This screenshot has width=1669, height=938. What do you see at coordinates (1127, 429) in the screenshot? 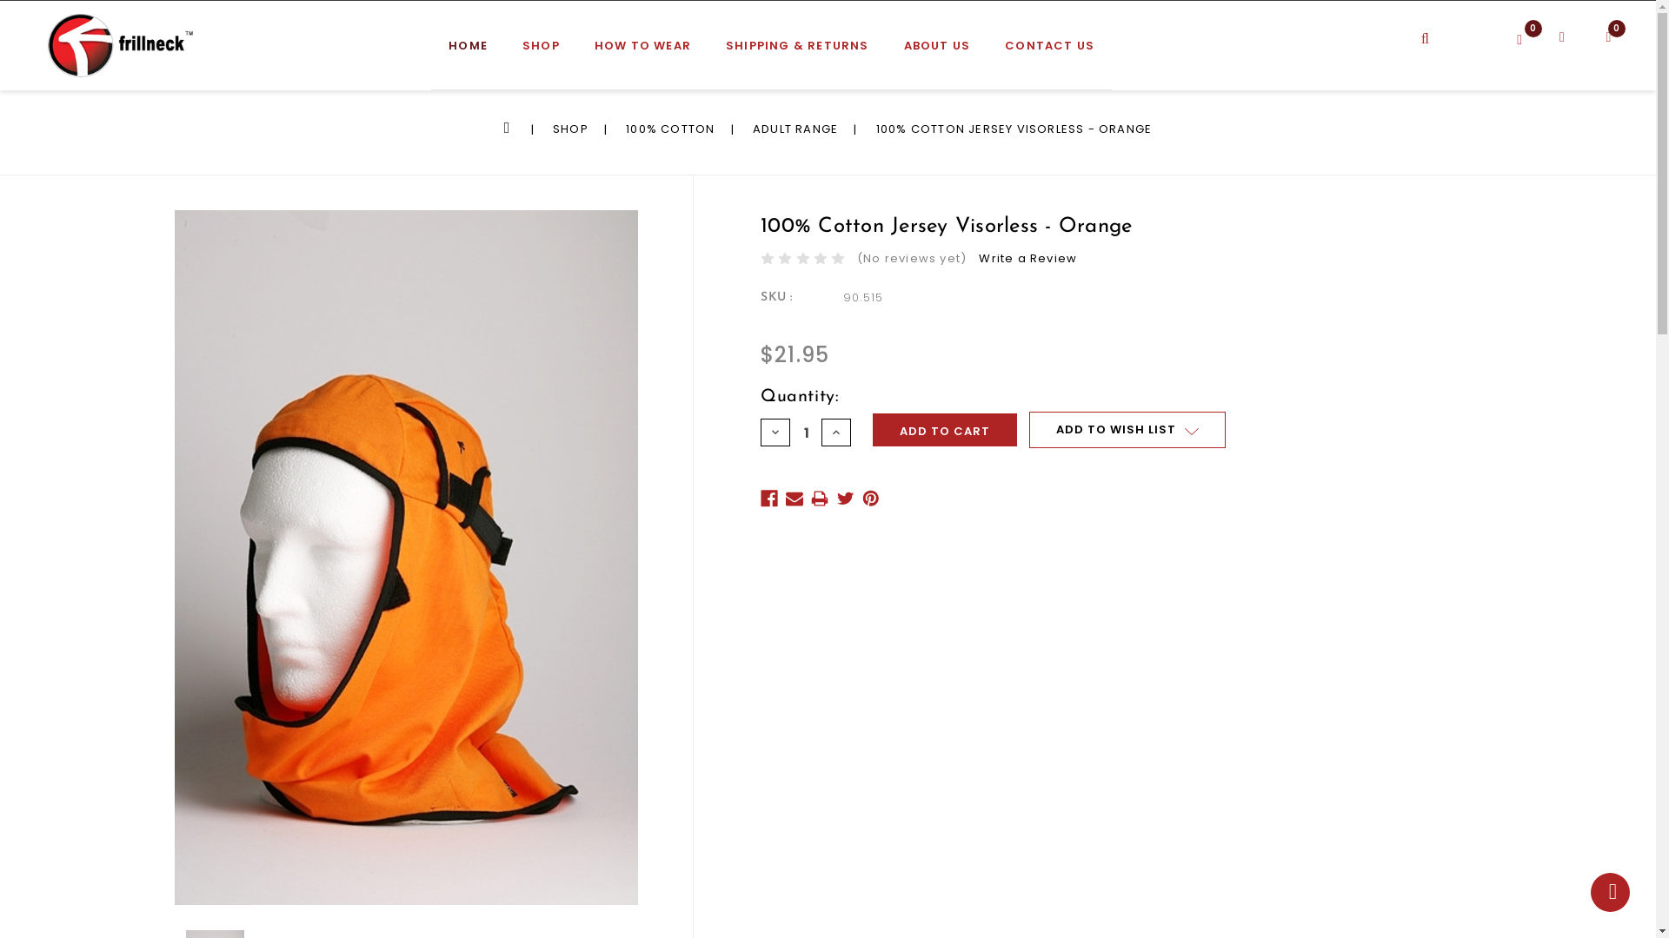
I see `'ADD TO WISH LIST'` at bounding box center [1127, 429].